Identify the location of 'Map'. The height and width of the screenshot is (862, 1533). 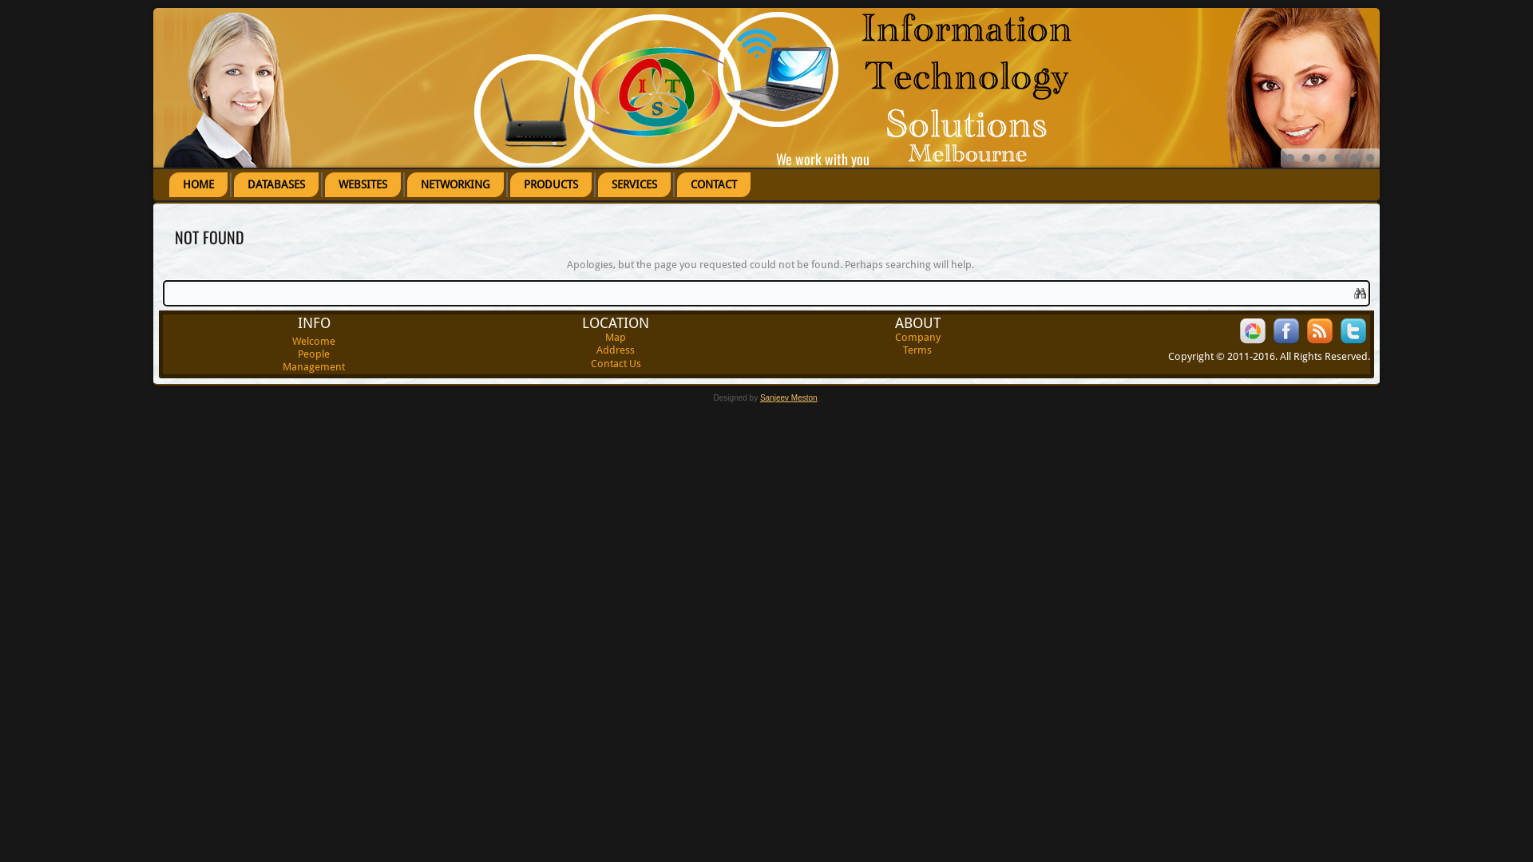
(604, 336).